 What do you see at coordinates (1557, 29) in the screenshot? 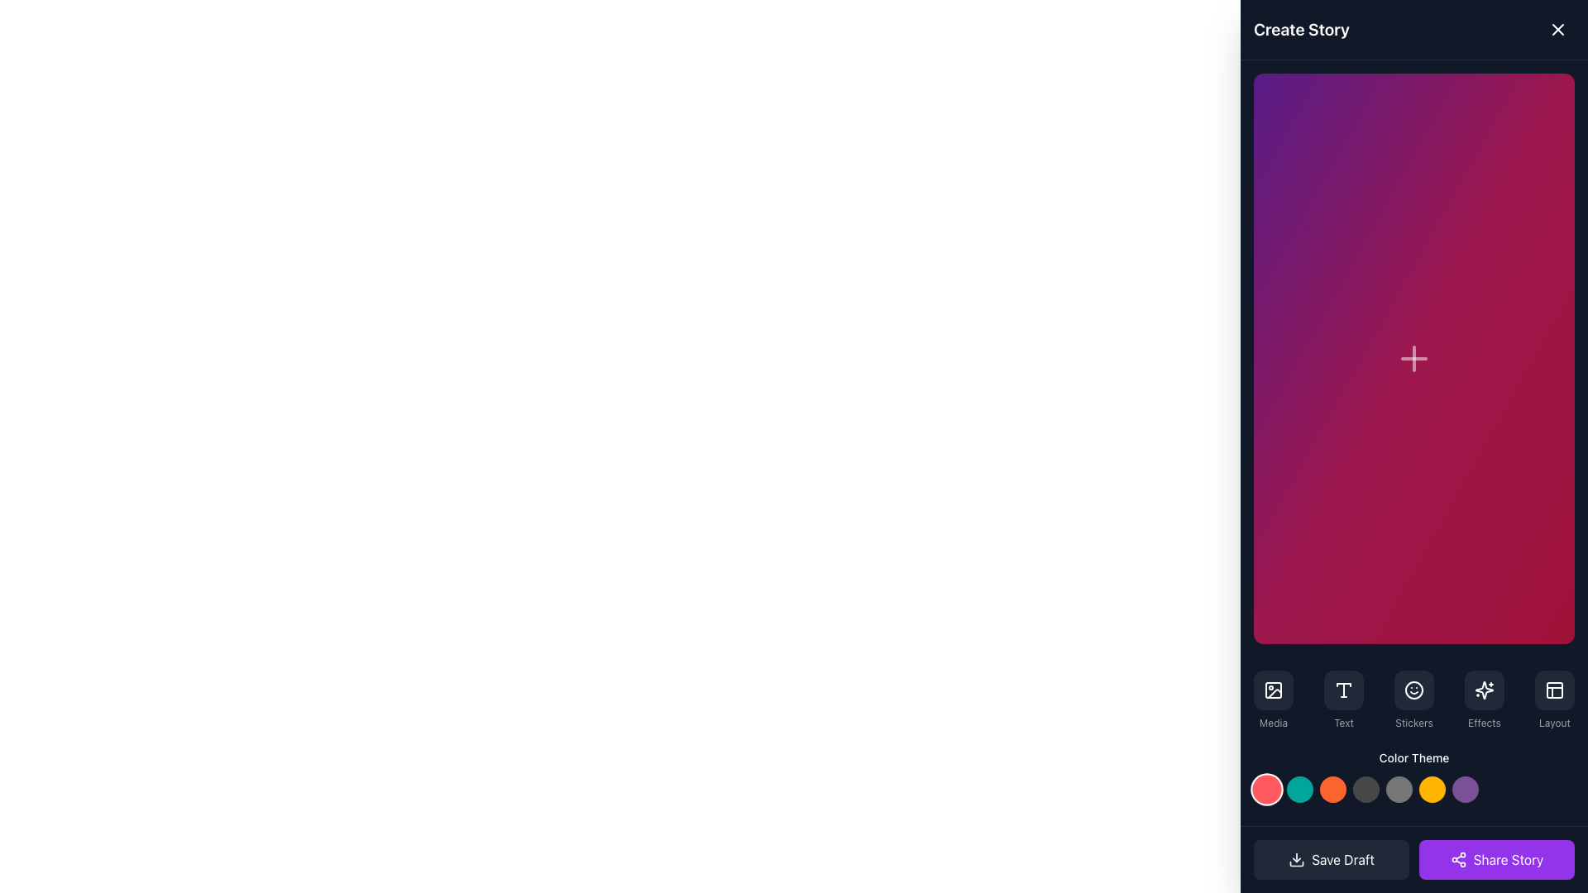
I see `the close button located at the top-right corner of the 'Create Story' panel to observe a visual change` at bounding box center [1557, 29].